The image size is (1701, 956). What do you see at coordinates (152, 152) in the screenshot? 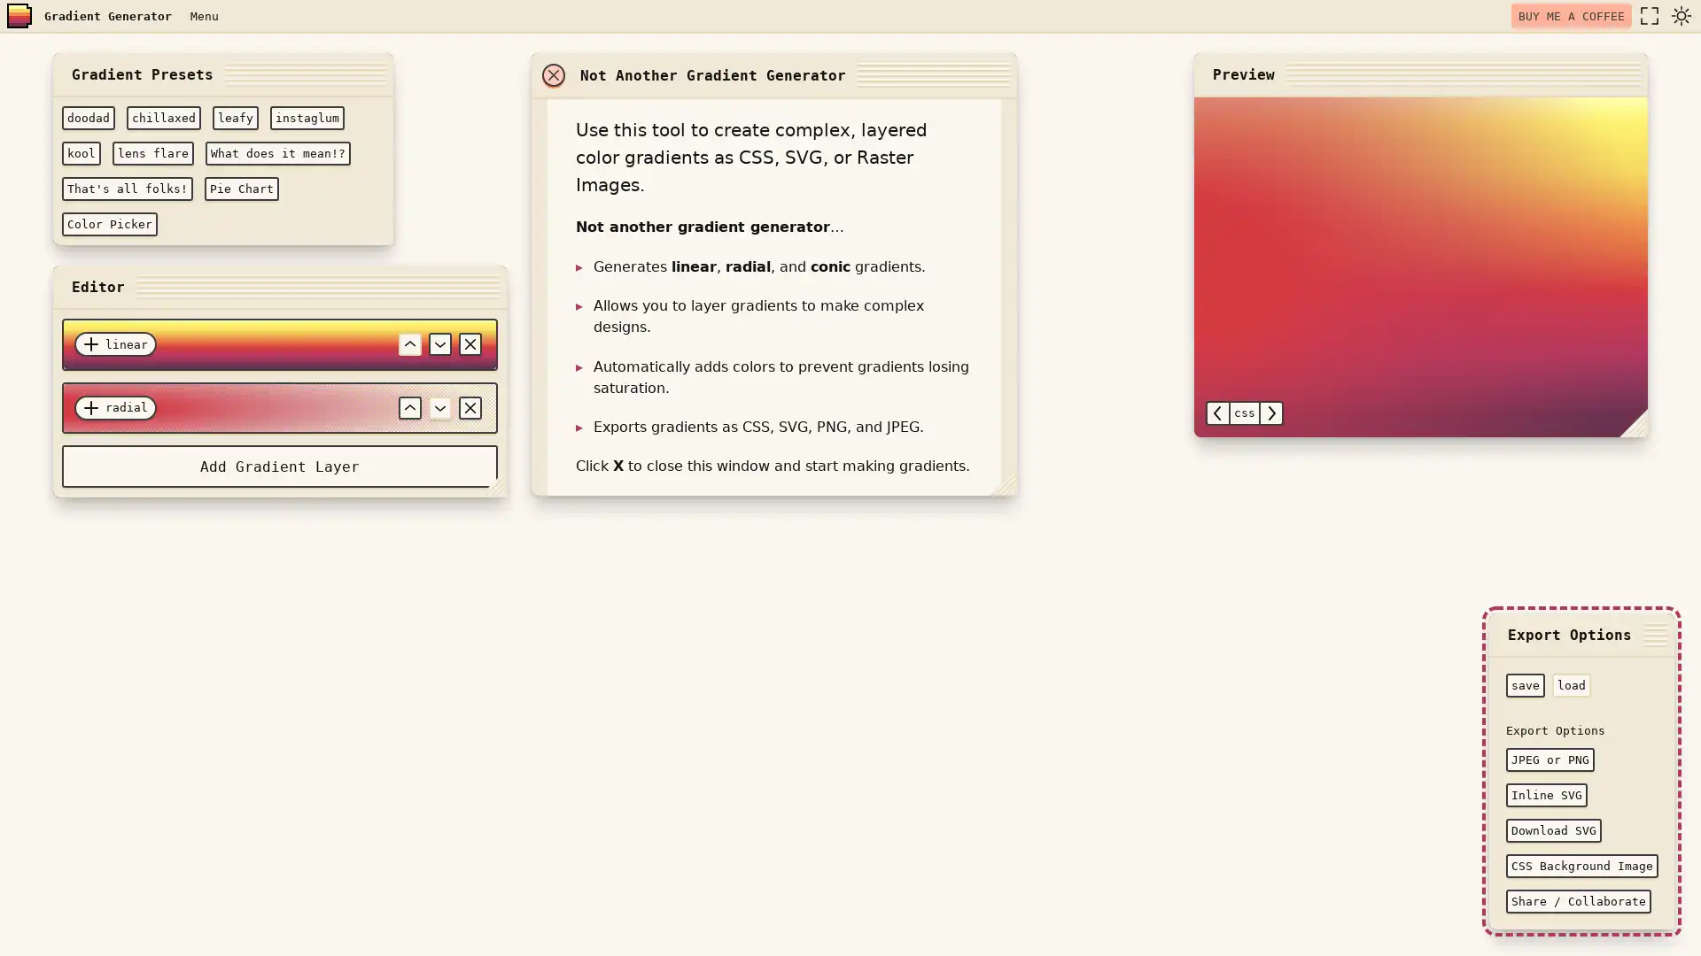
I see `lens flare` at bounding box center [152, 152].